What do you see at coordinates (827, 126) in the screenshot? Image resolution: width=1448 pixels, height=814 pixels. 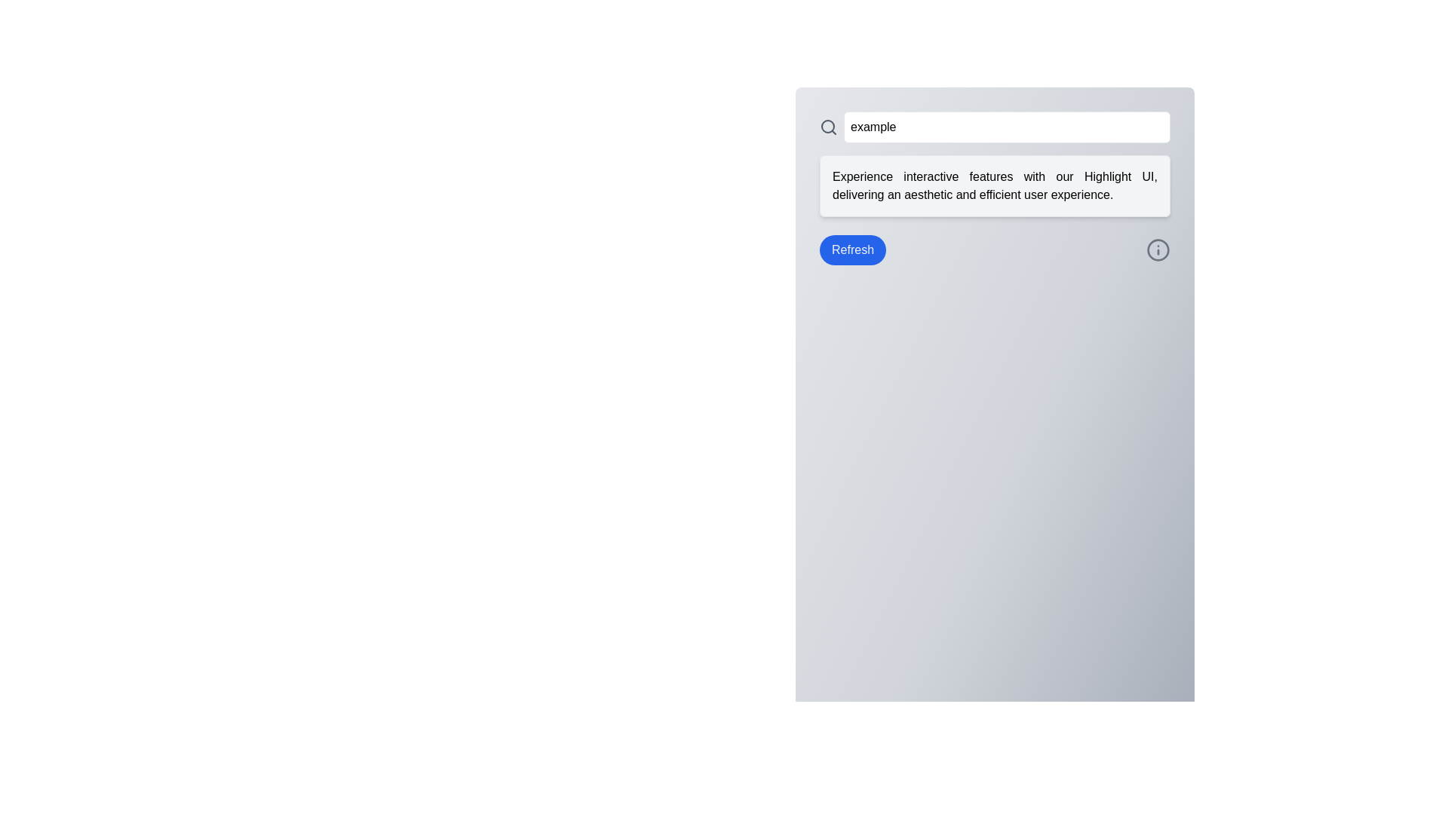 I see `the decorative circle component of the search icon located at the center of the magnifying glass icon, situated to the left of the search input field` at bounding box center [827, 126].